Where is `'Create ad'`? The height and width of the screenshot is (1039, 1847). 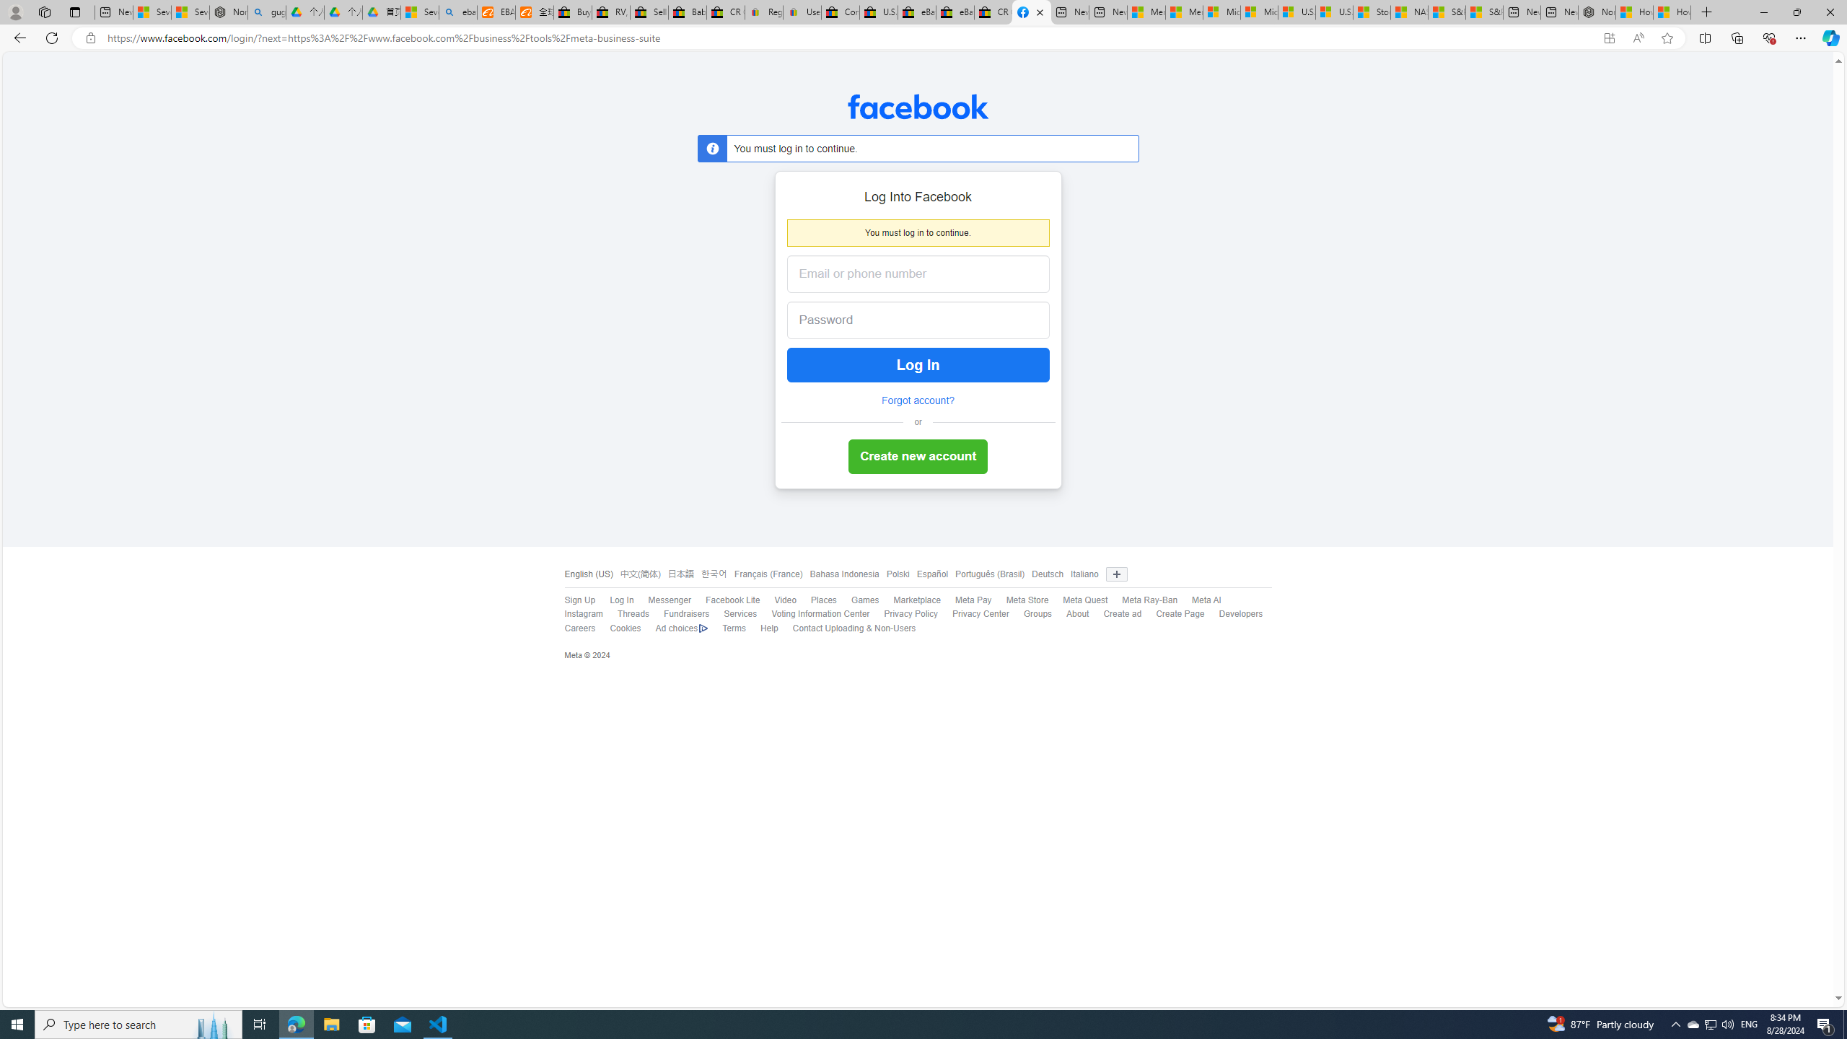 'Create ad' is located at coordinates (1114, 614).